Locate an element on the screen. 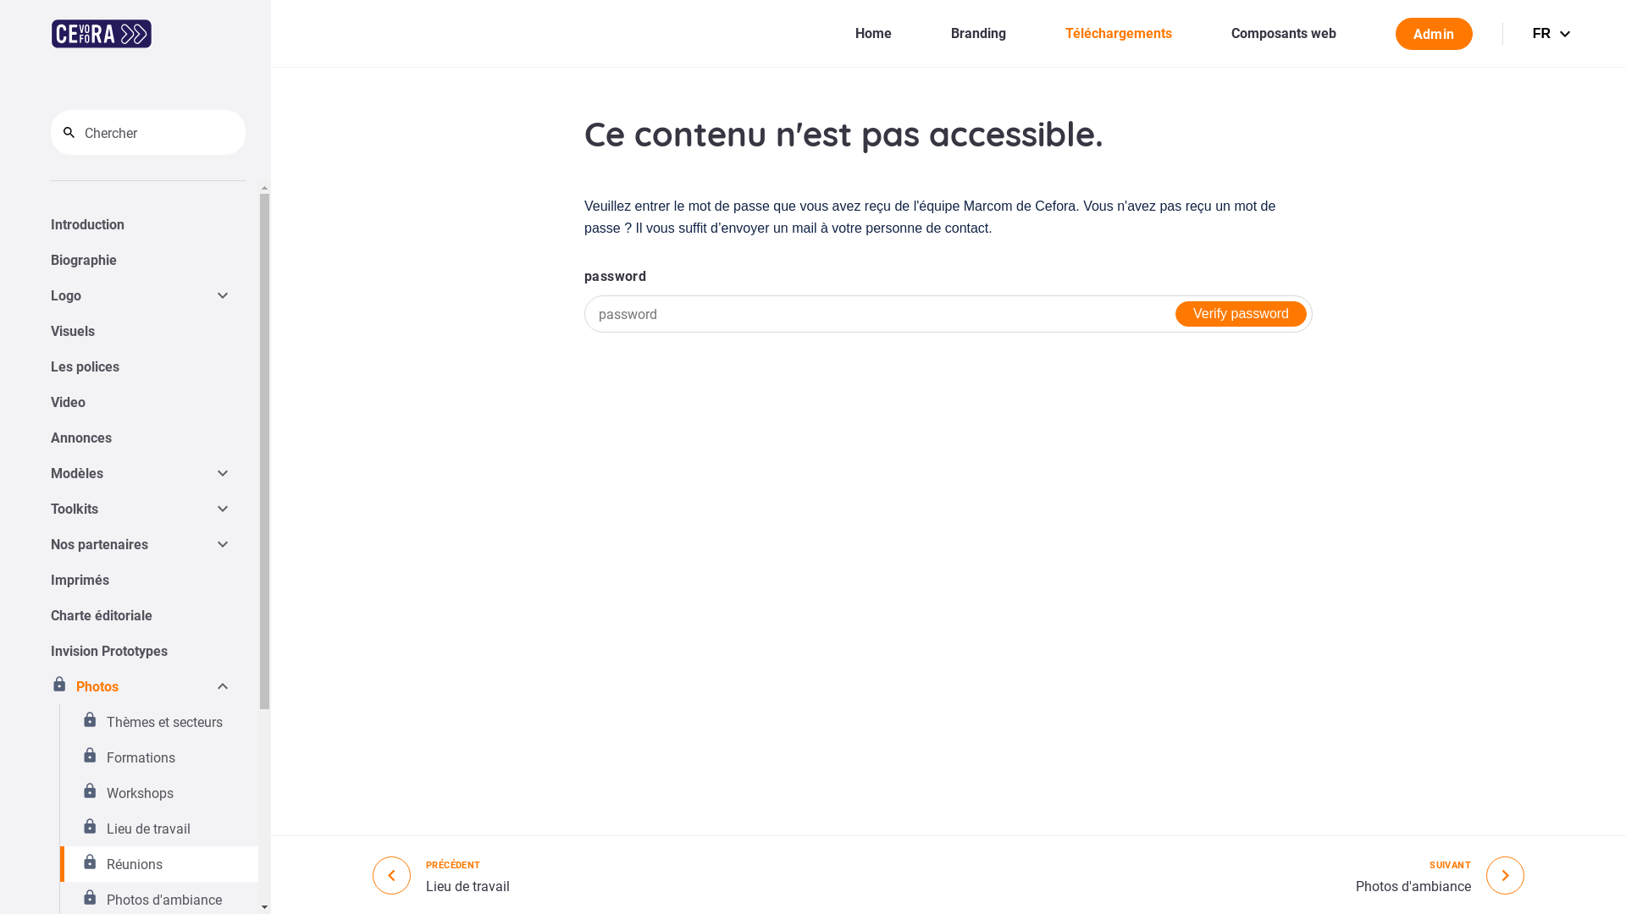  'Annonces' is located at coordinates (50, 436).